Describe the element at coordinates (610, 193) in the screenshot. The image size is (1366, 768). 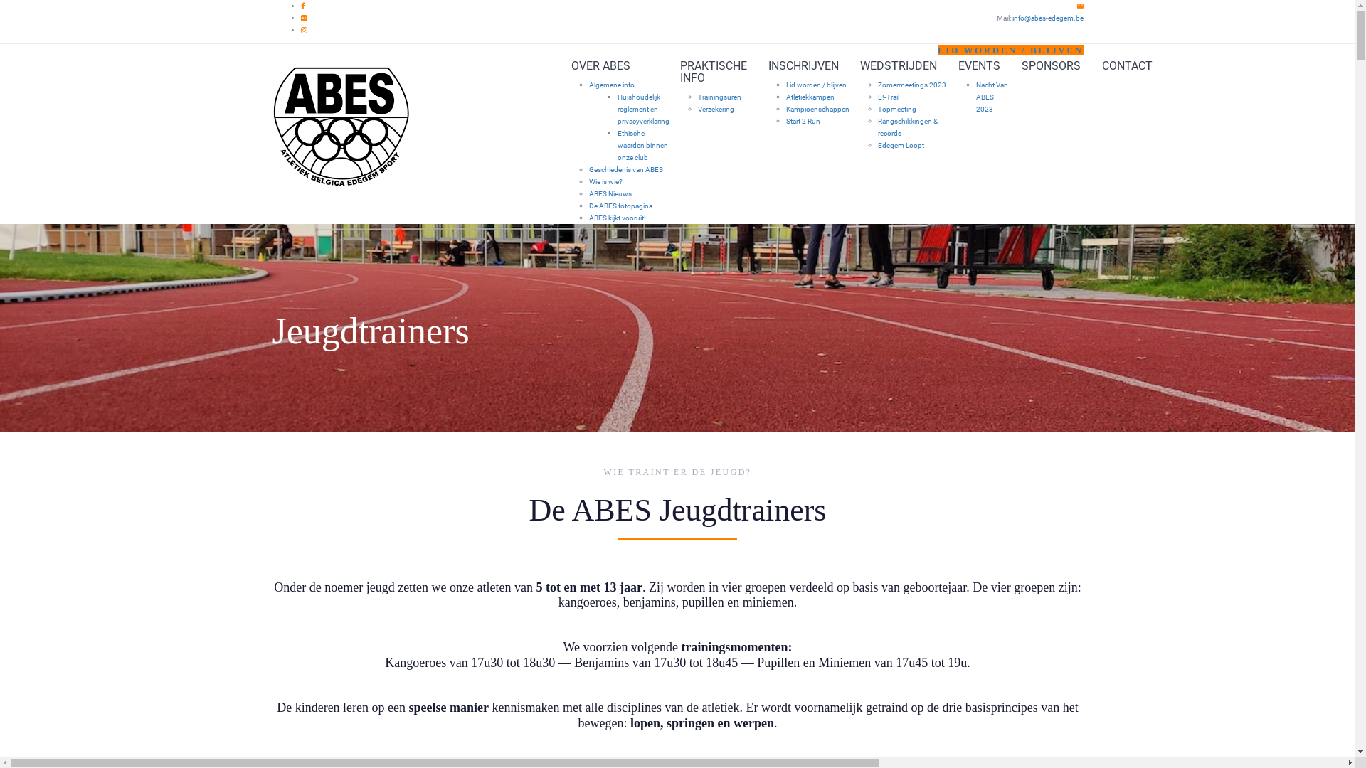
I see `'ABES Nieuws'` at that location.